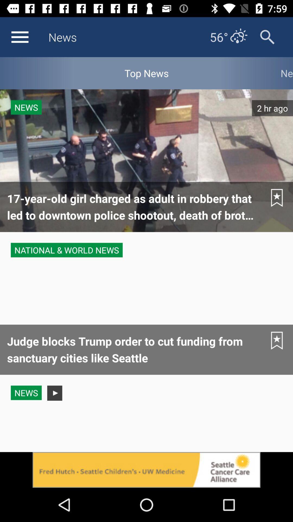 This screenshot has height=522, width=293. I want to click on open advertisements detail, so click(146, 470).